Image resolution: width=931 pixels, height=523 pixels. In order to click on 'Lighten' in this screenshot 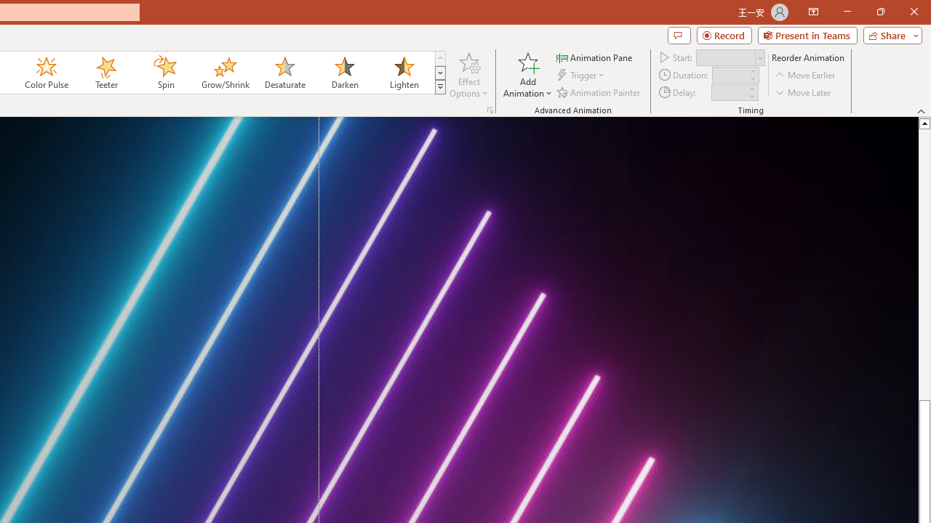, I will do `click(404, 73)`.